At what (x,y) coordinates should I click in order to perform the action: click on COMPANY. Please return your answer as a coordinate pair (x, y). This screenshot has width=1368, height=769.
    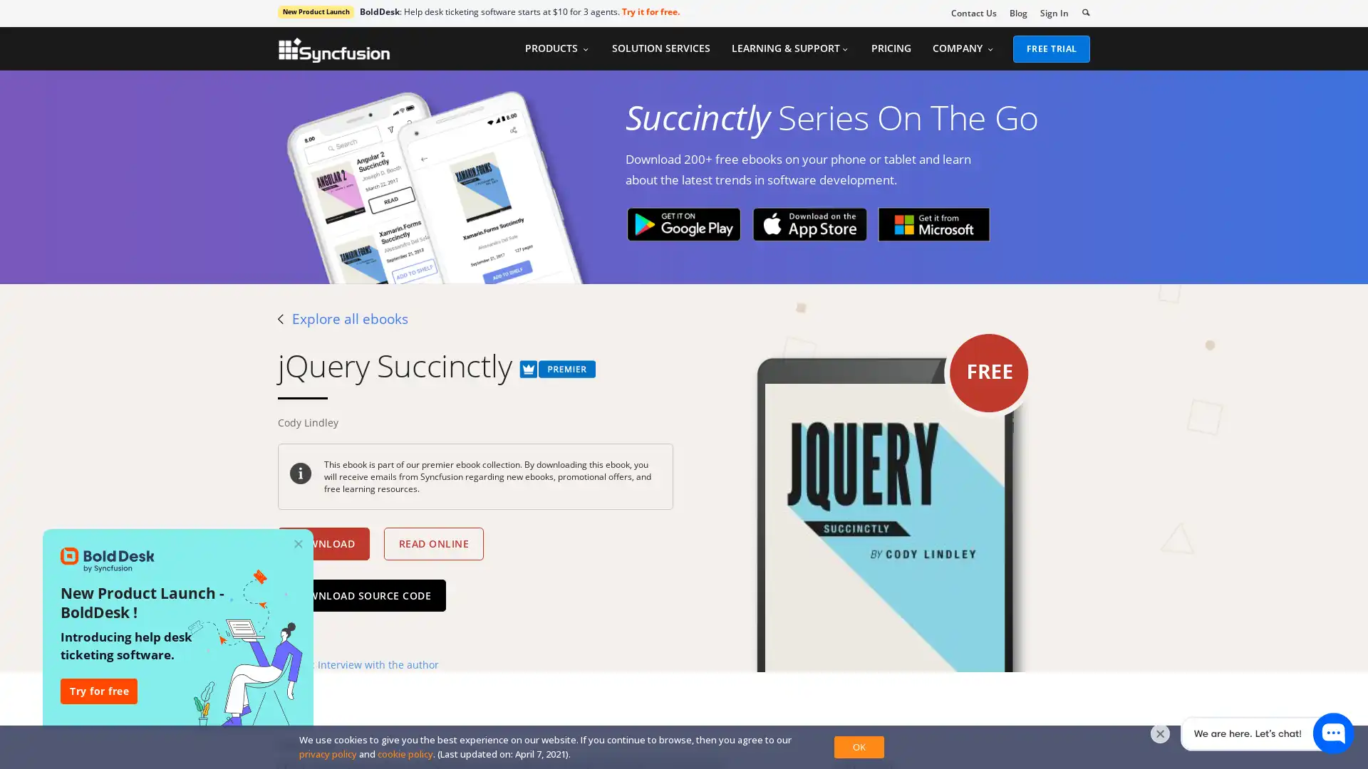
    Looking at the image, I should click on (963, 48).